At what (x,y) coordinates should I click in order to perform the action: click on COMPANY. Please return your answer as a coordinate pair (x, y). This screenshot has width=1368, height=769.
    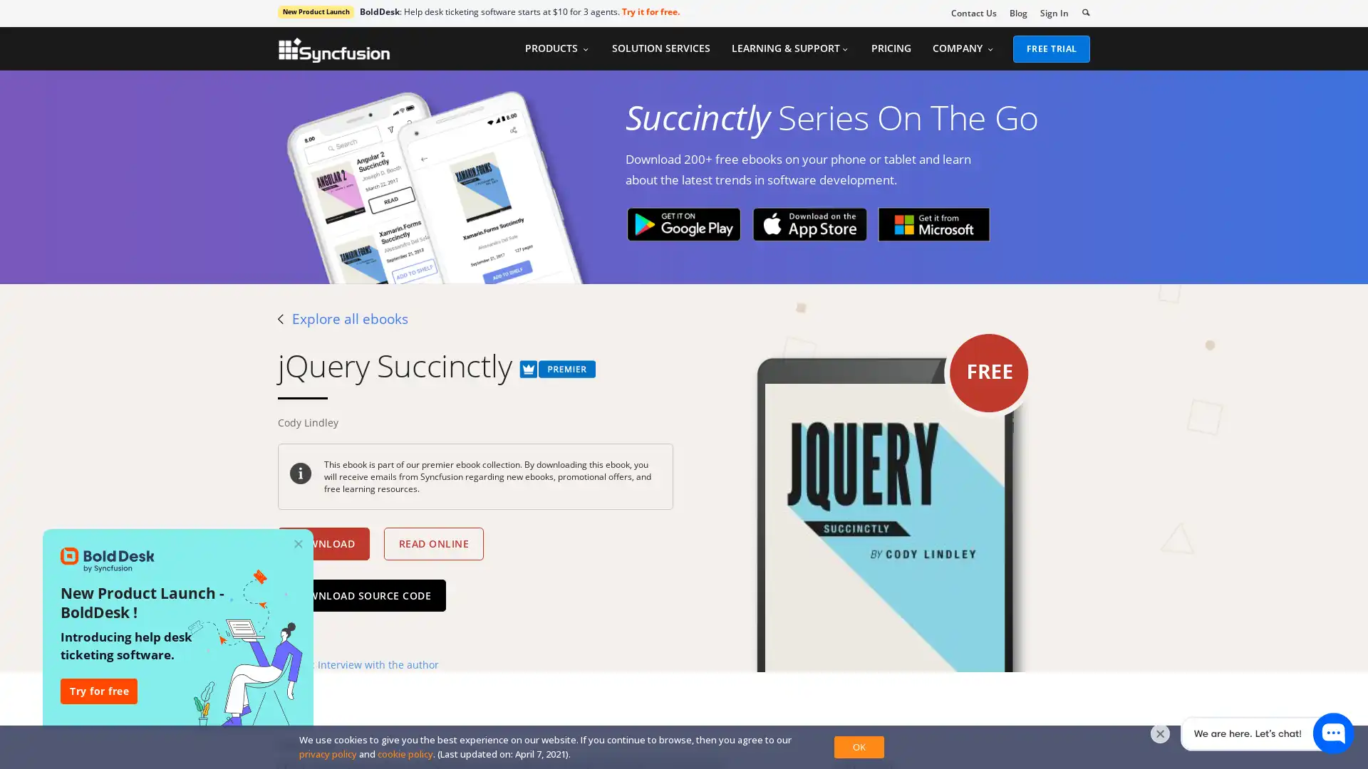
    Looking at the image, I should click on (963, 48).